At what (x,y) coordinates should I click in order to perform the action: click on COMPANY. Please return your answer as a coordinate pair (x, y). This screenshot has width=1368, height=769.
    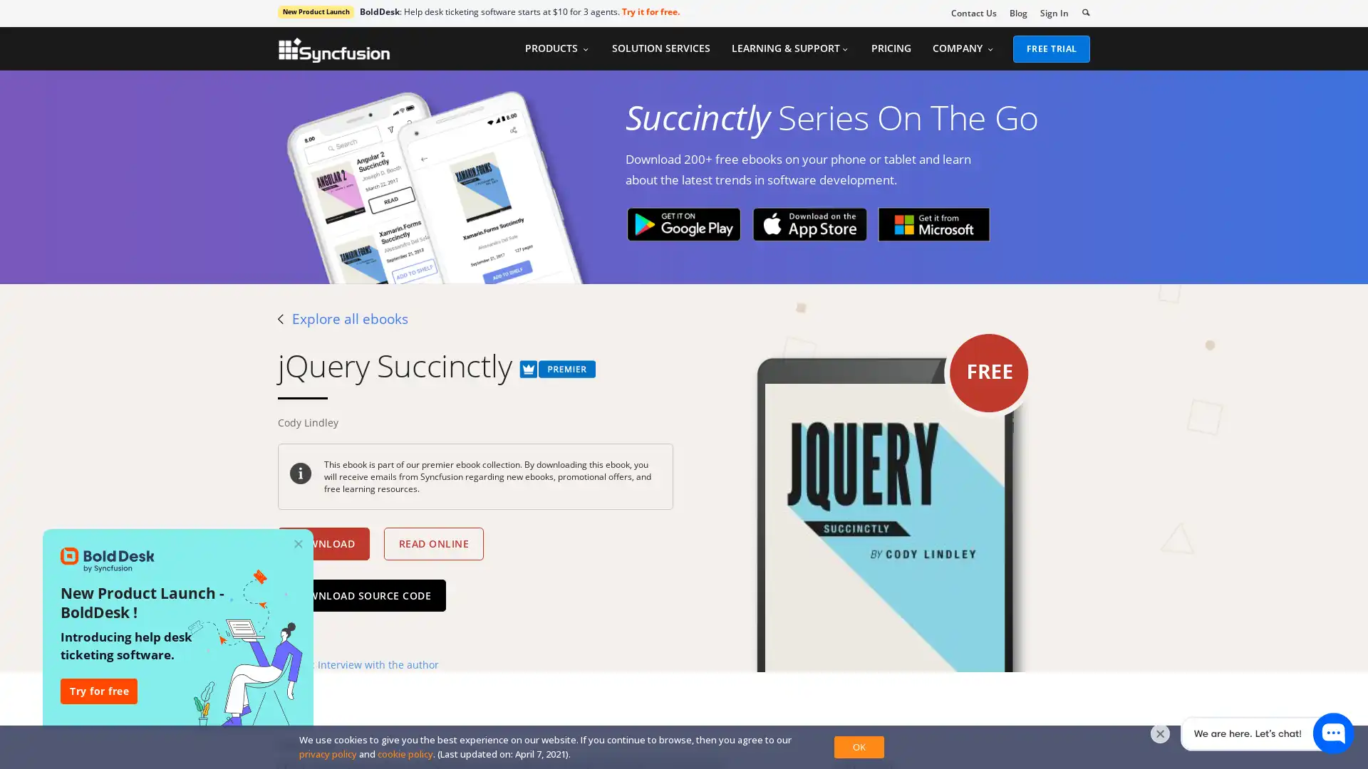
    Looking at the image, I should click on (963, 48).